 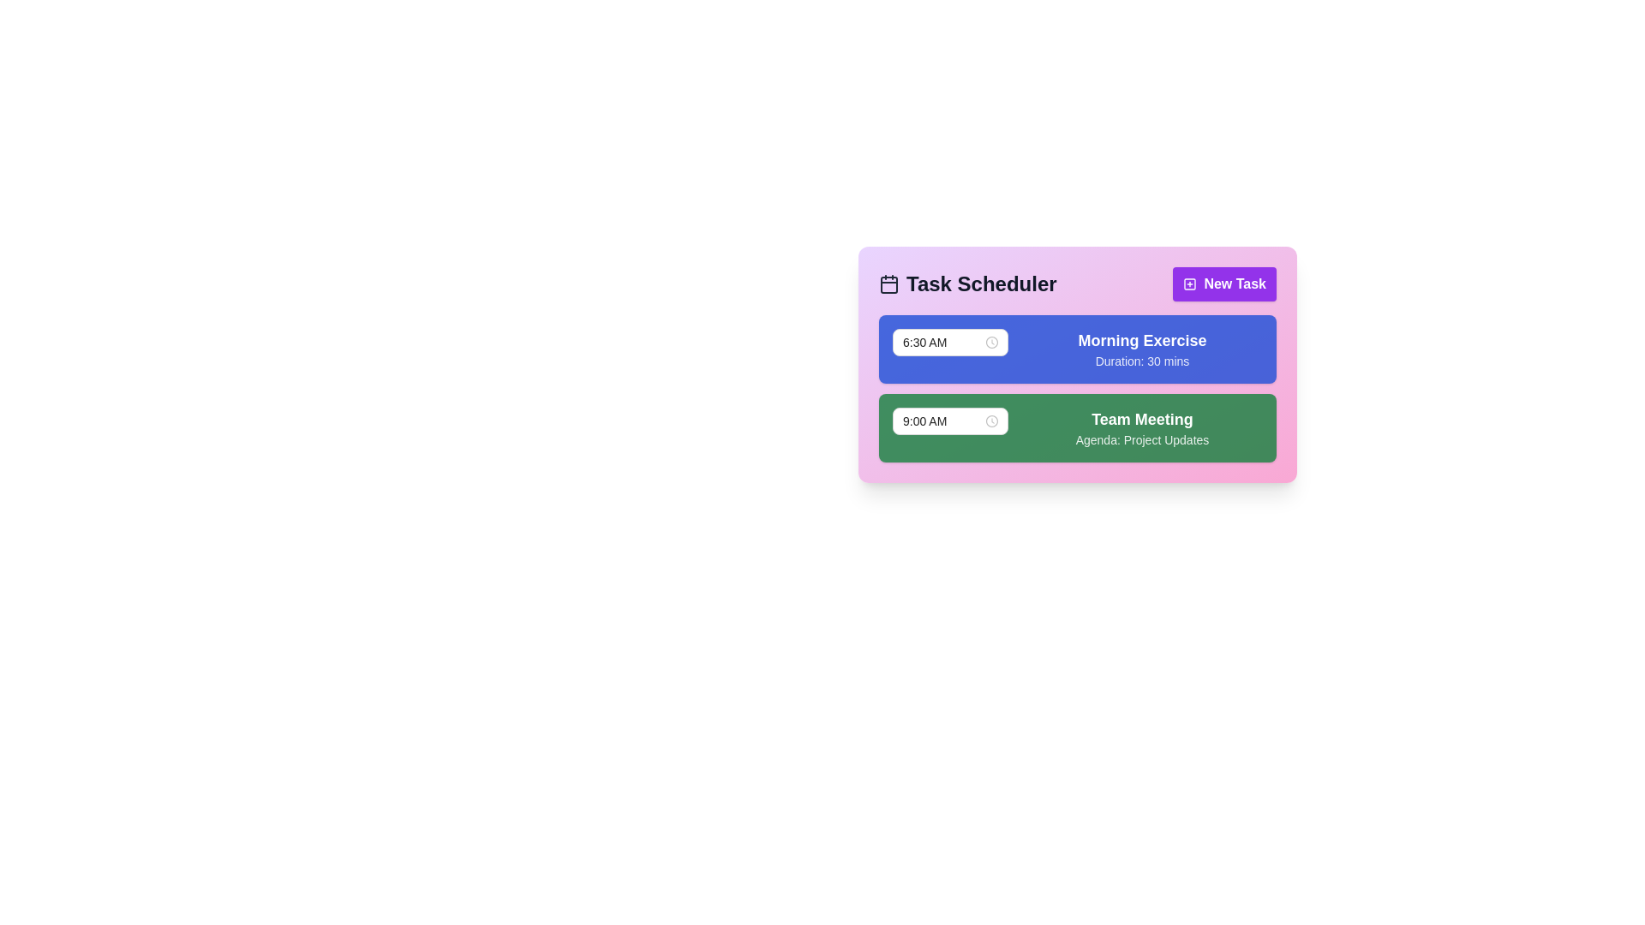 I want to click on the 'Task Scheduler' title element, which is a combination of an icon and text label, located in the top-left section of the pink card, near the left edge and aligned to the left of the 'New Task' button, so click(x=967, y=283).